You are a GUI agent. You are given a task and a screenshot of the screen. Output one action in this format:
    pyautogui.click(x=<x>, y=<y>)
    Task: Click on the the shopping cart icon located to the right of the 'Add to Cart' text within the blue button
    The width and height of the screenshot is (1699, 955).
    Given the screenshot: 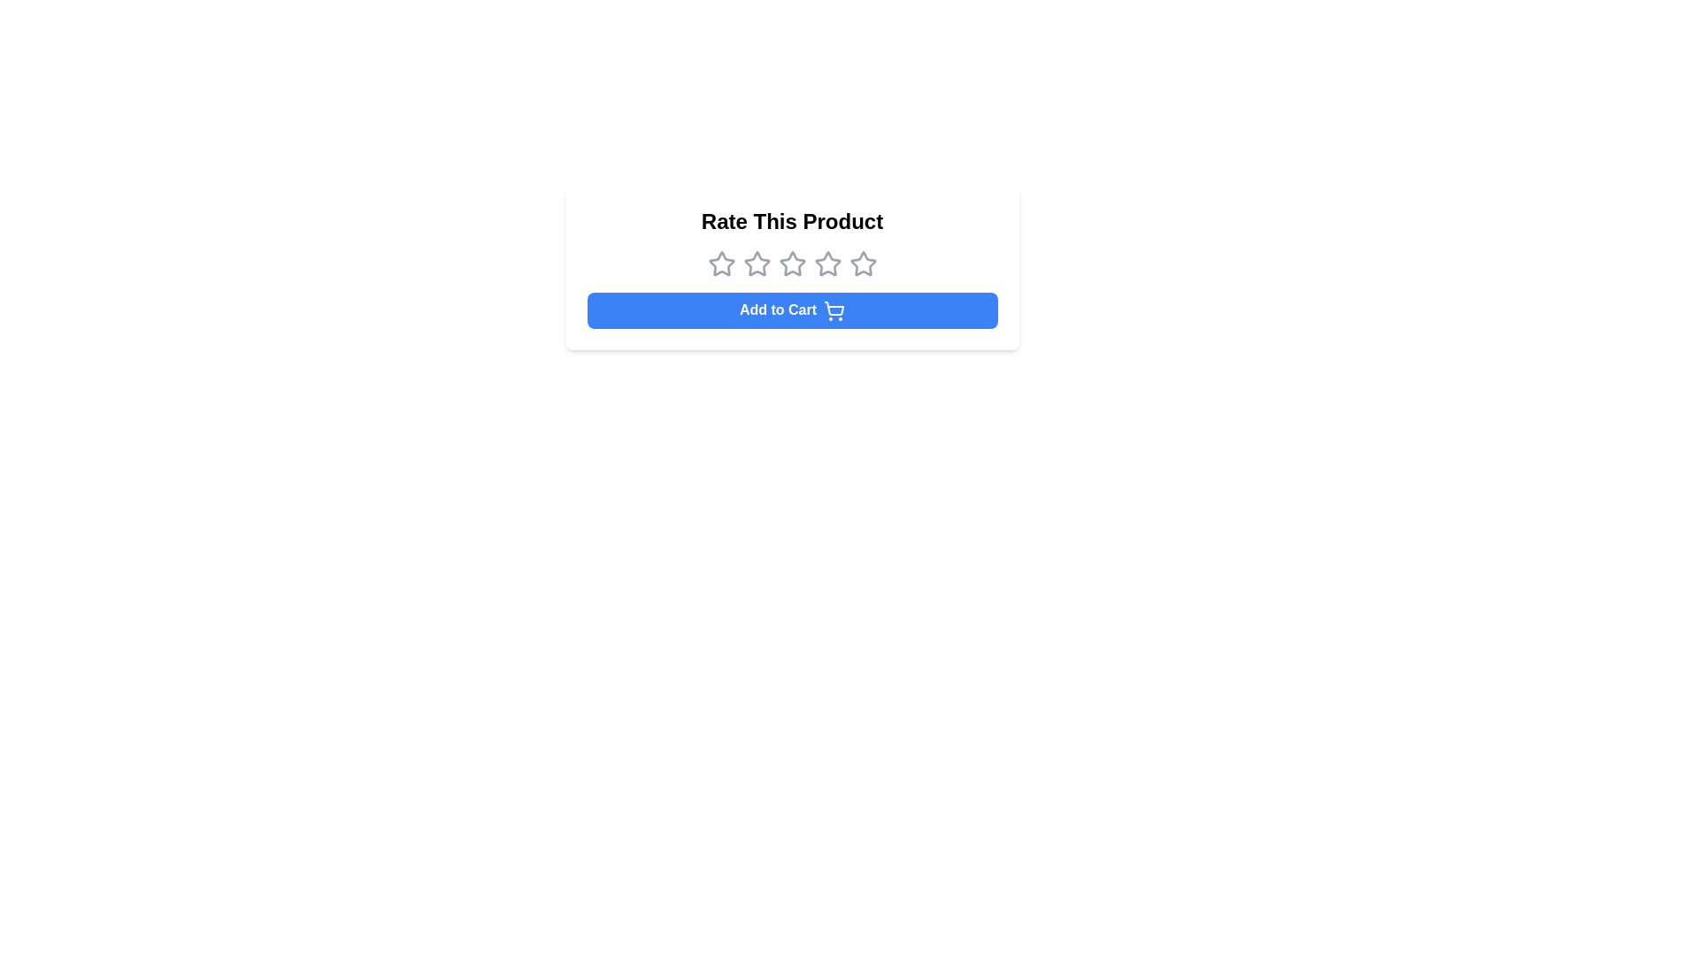 What is the action you would take?
    pyautogui.click(x=834, y=309)
    